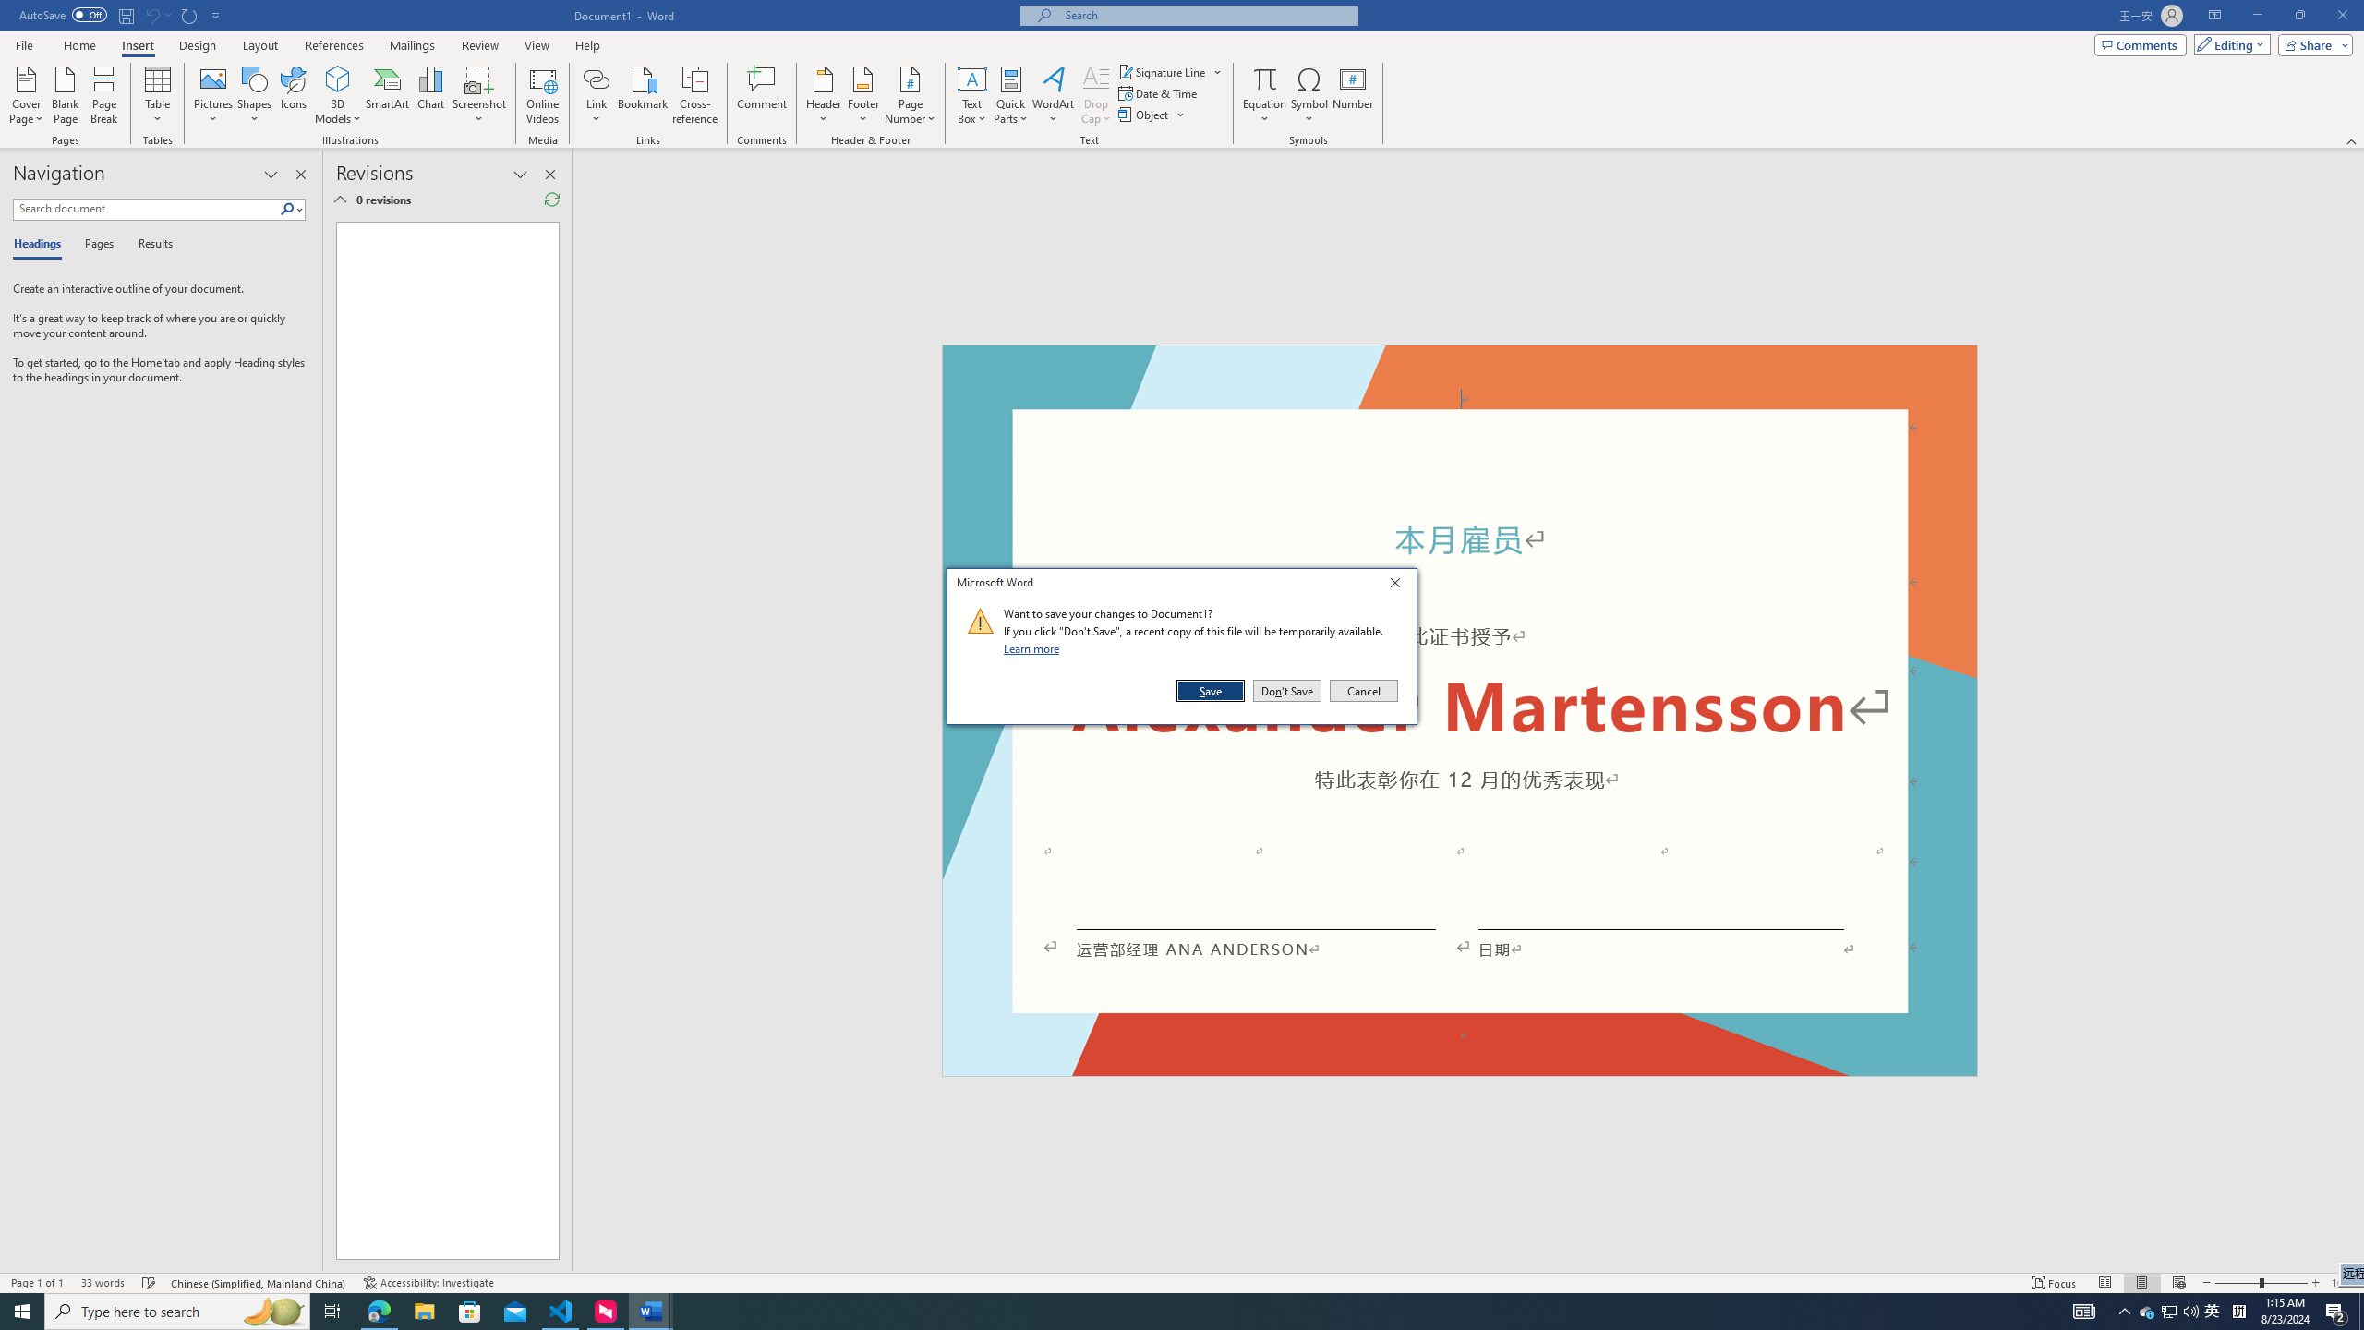 This screenshot has width=2364, height=1330. Describe the element at coordinates (158, 95) in the screenshot. I see `'Table'` at that location.